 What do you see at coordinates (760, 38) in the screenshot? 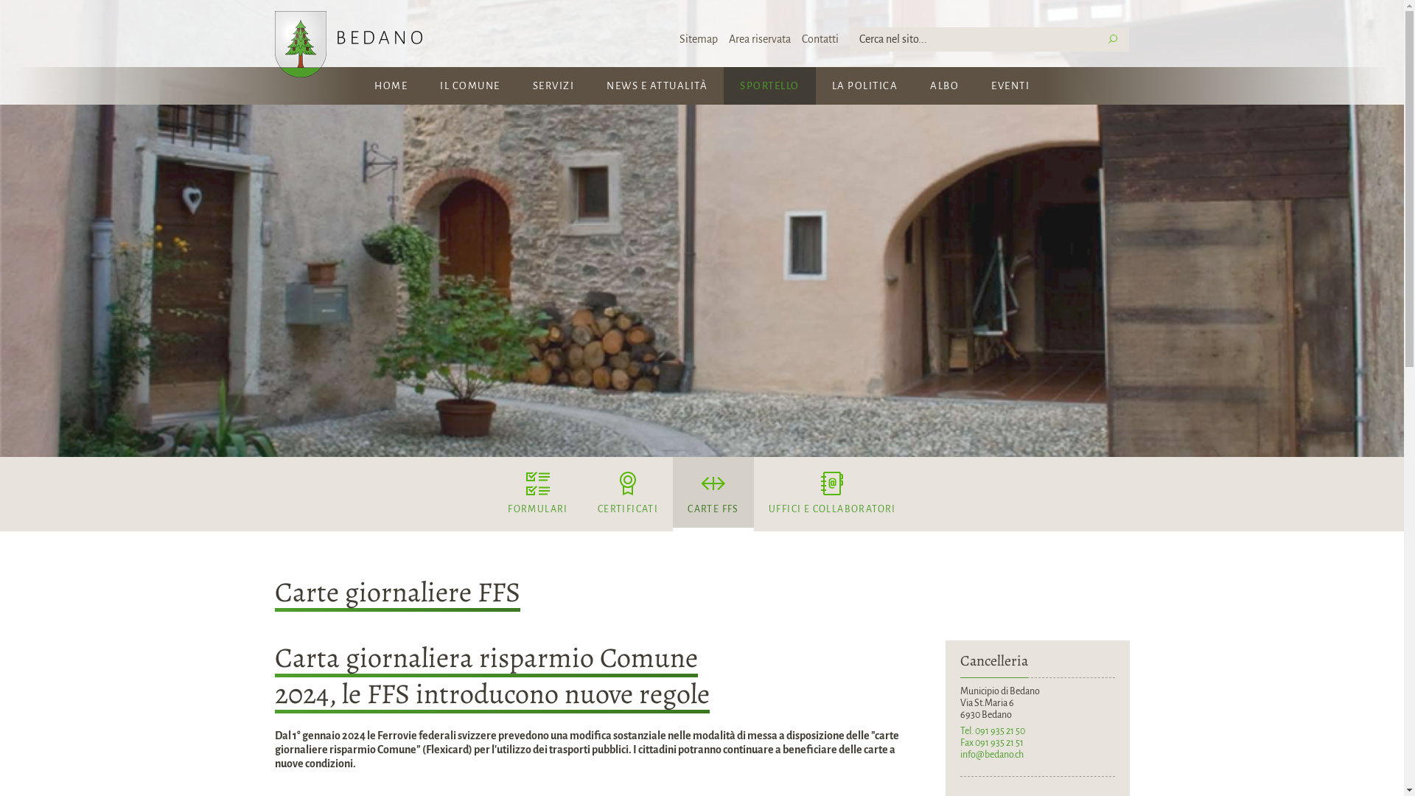
I see `'Area riservata'` at bounding box center [760, 38].